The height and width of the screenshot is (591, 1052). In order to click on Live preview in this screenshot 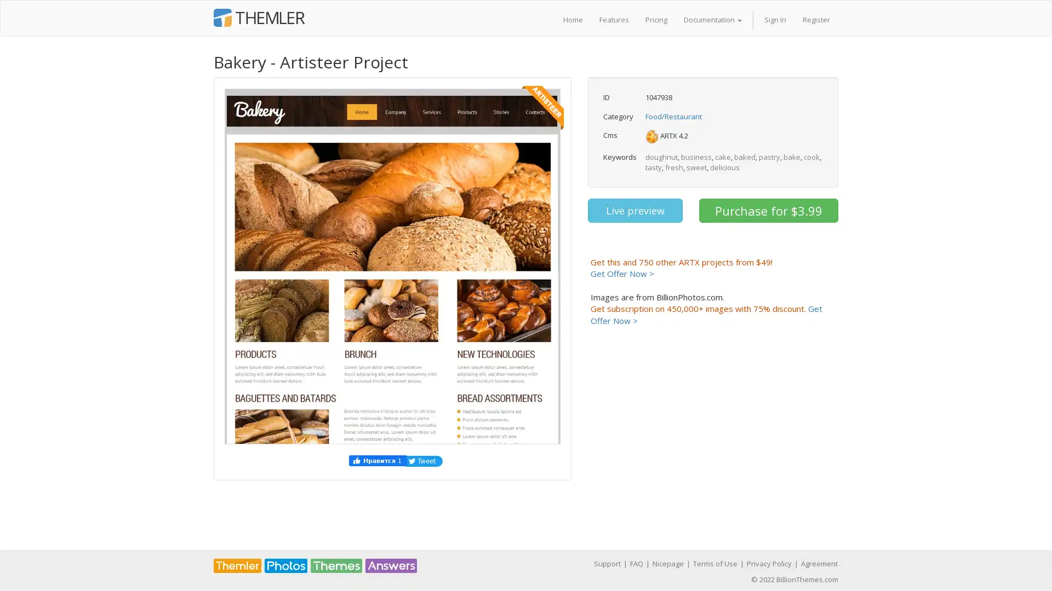, I will do `click(634, 211)`.